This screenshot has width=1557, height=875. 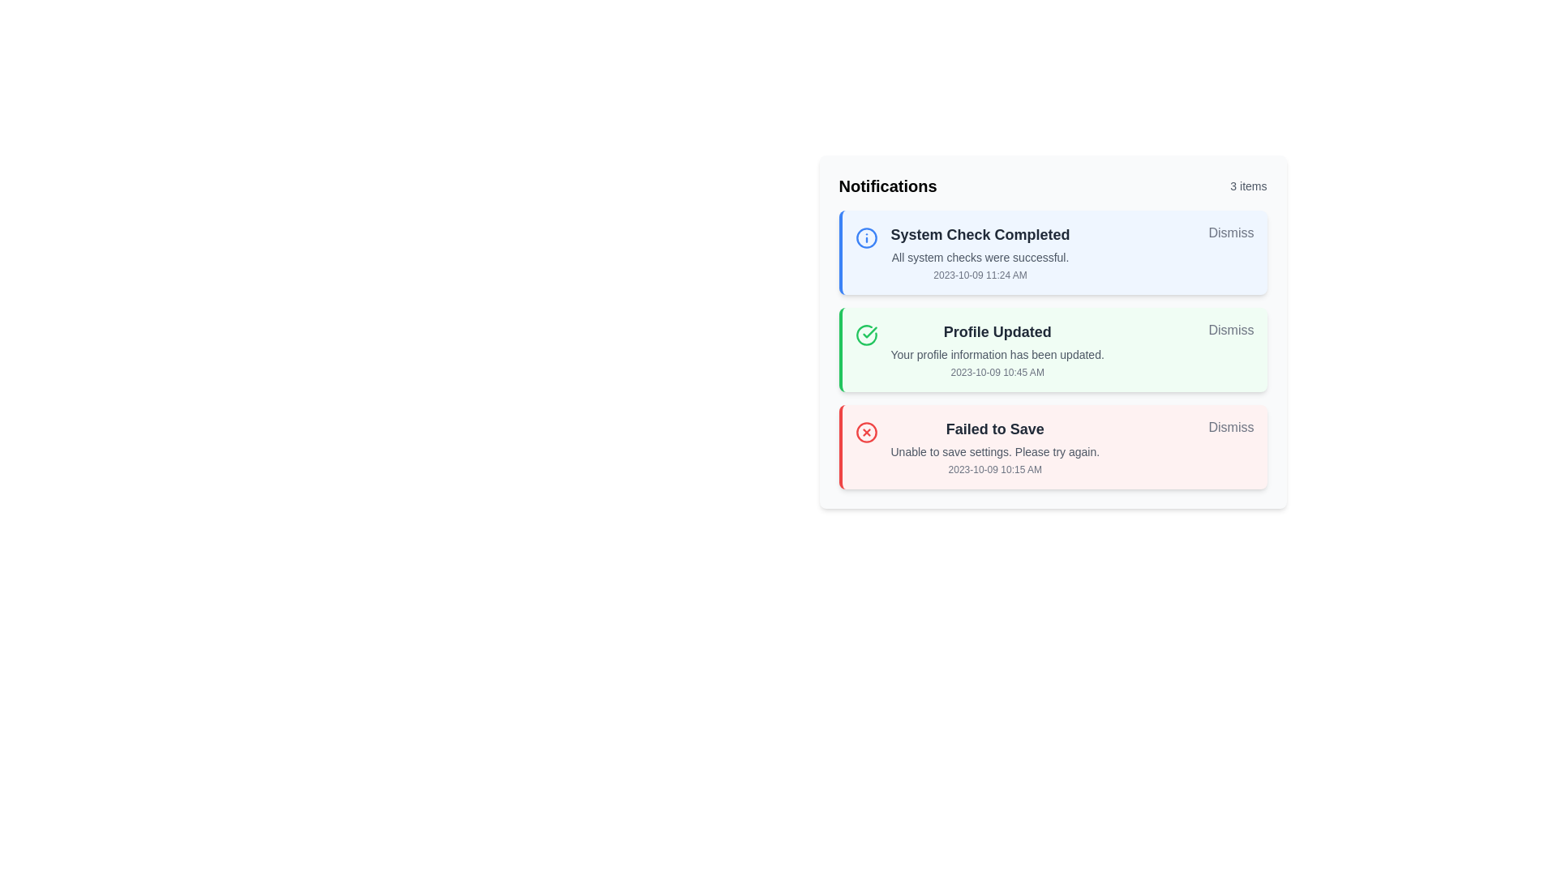 I want to click on date and time information displayed in the text element showing '2023-10-09 11:24 AM', which is located at the bottom of the first notification card titled 'System Check Completed', so click(x=980, y=274).